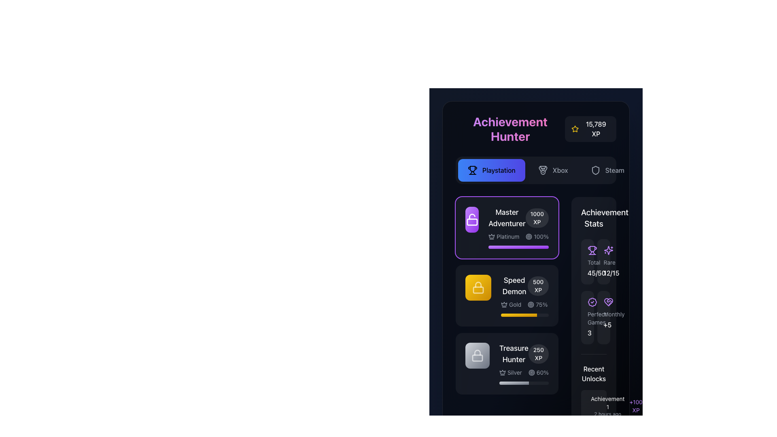 This screenshot has height=437, width=777. I want to click on the star icon with a hollow yellow outline located in the top-right portion of the XP display panel, which precedes the text '15,789 XP', so click(575, 129).